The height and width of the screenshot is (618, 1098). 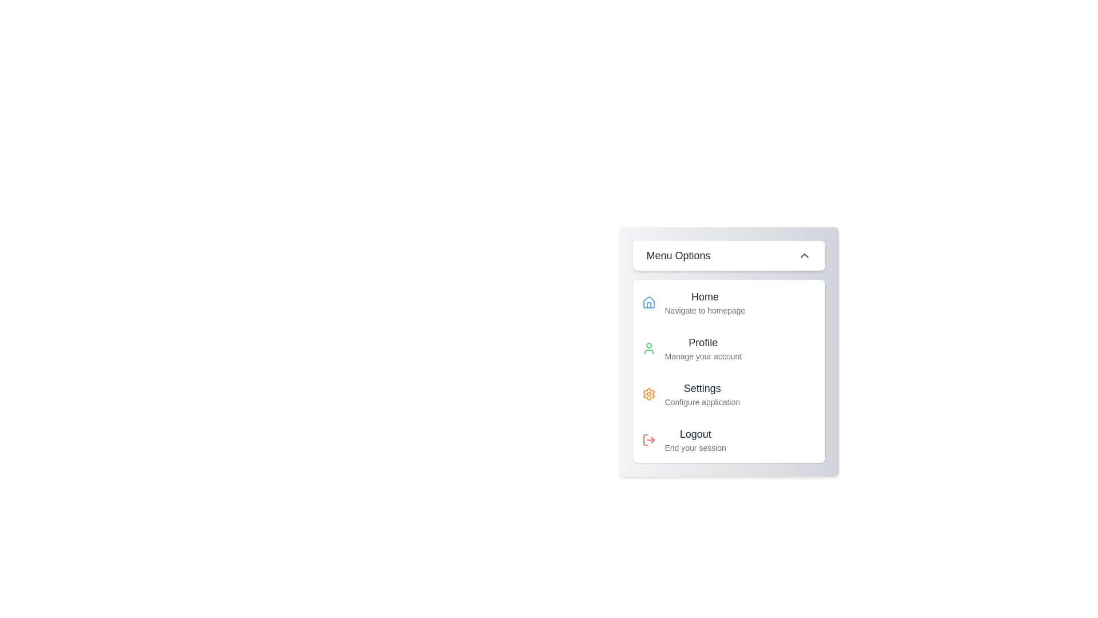 I want to click on the vibrant orange gear-shaped icon located in the menu list, so click(x=649, y=394).